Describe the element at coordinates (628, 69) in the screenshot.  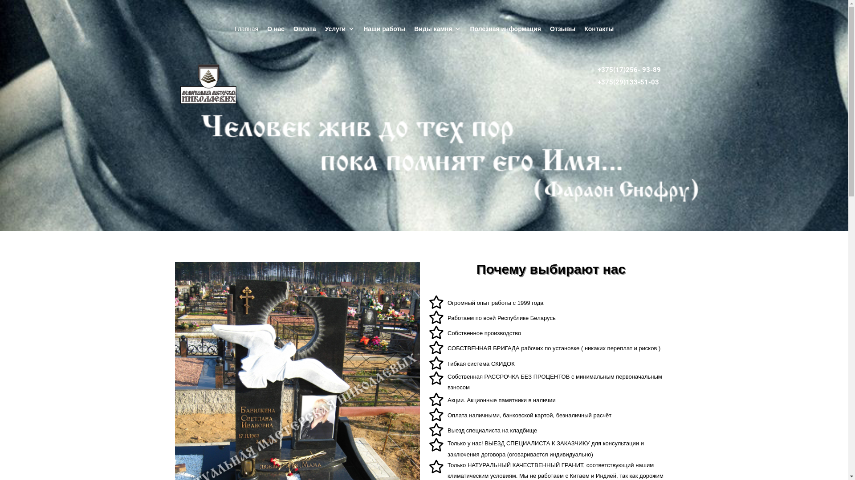
I see `'+375(17)256- 93-89'` at that location.